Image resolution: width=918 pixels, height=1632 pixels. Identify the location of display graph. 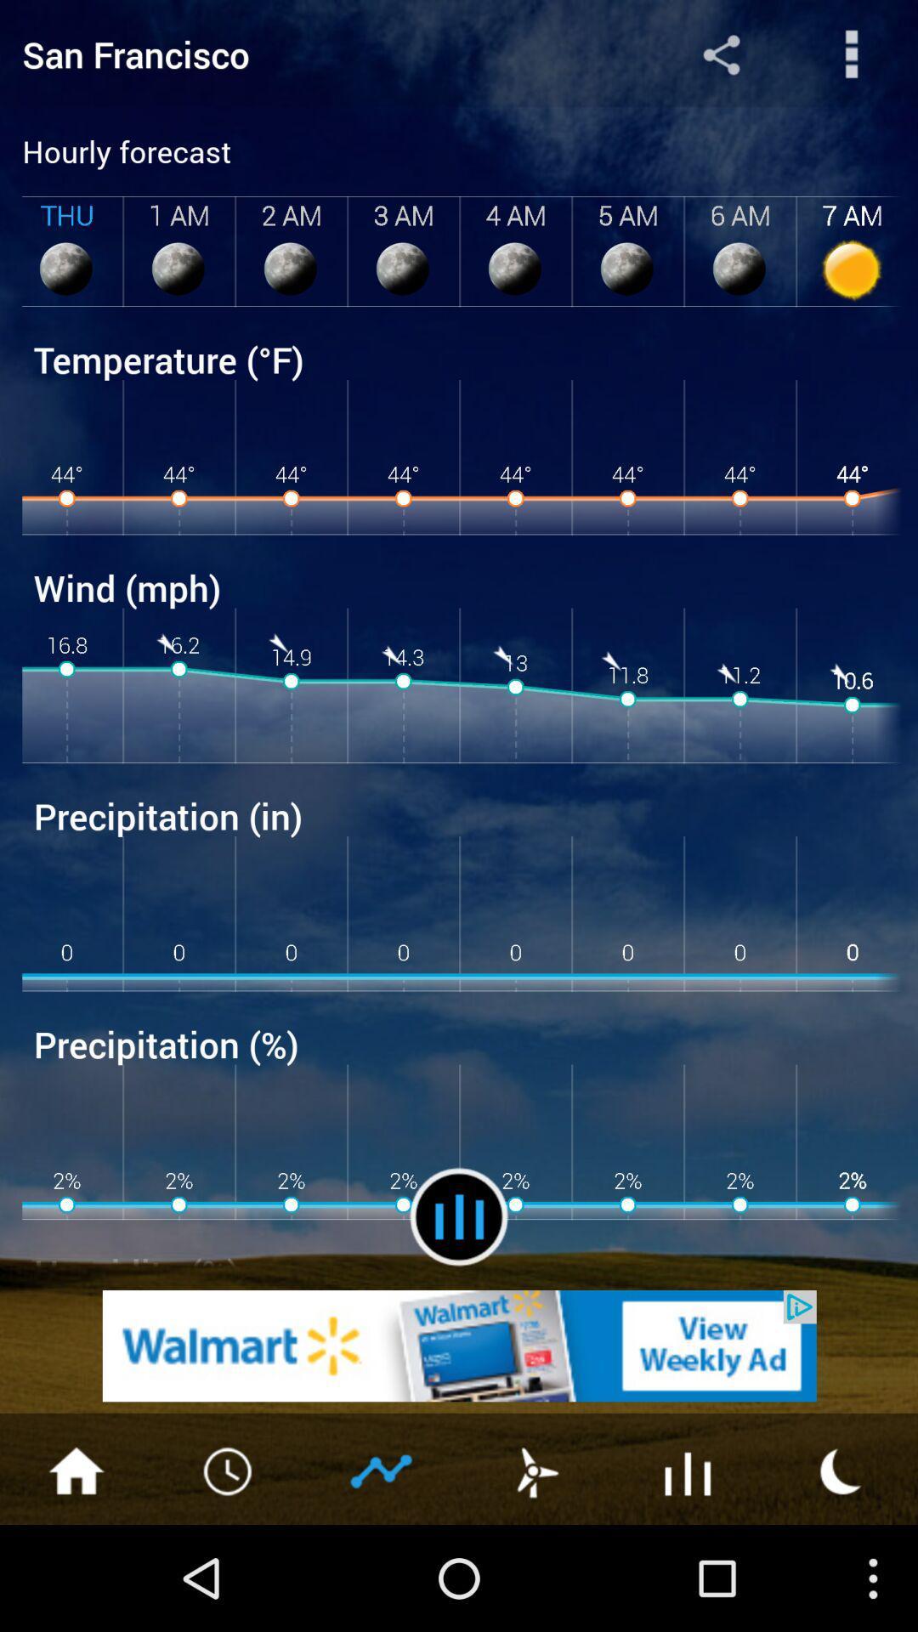
(382, 1469).